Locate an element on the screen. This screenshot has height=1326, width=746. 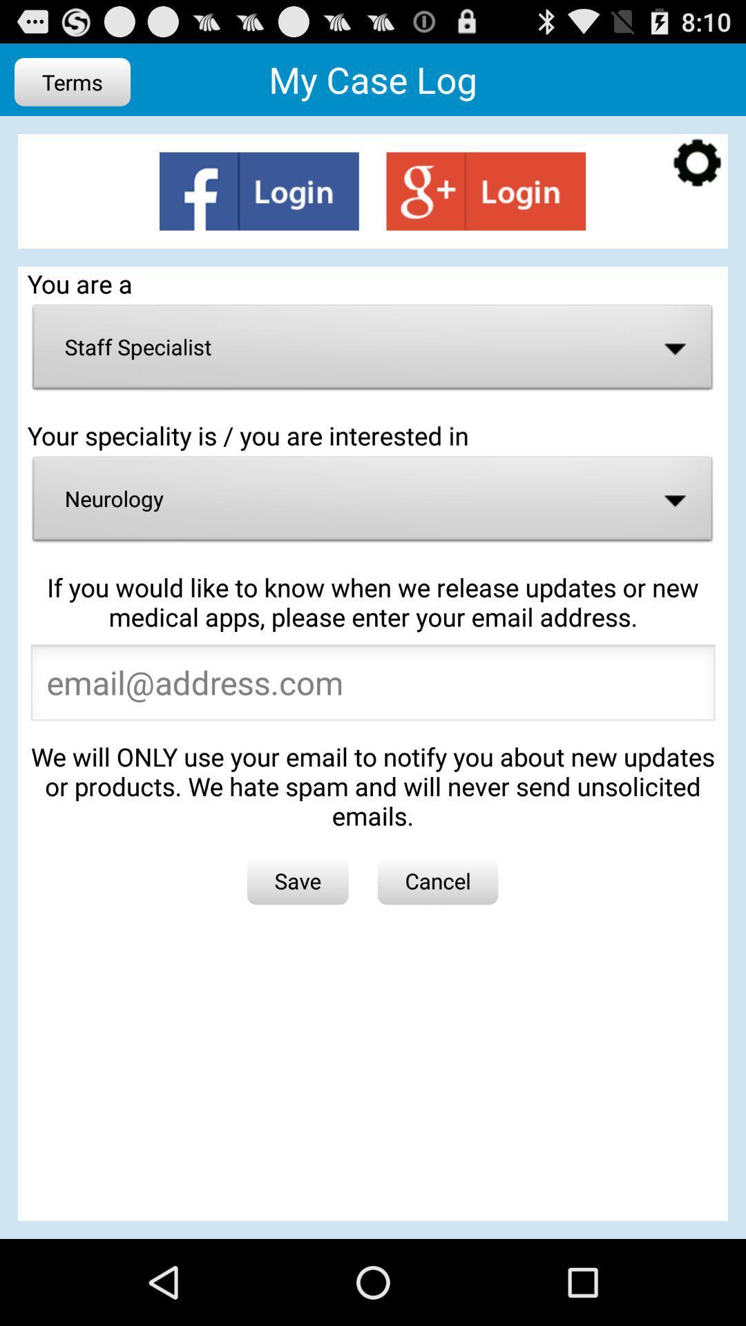
facebook login is located at coordinates (259, 191).